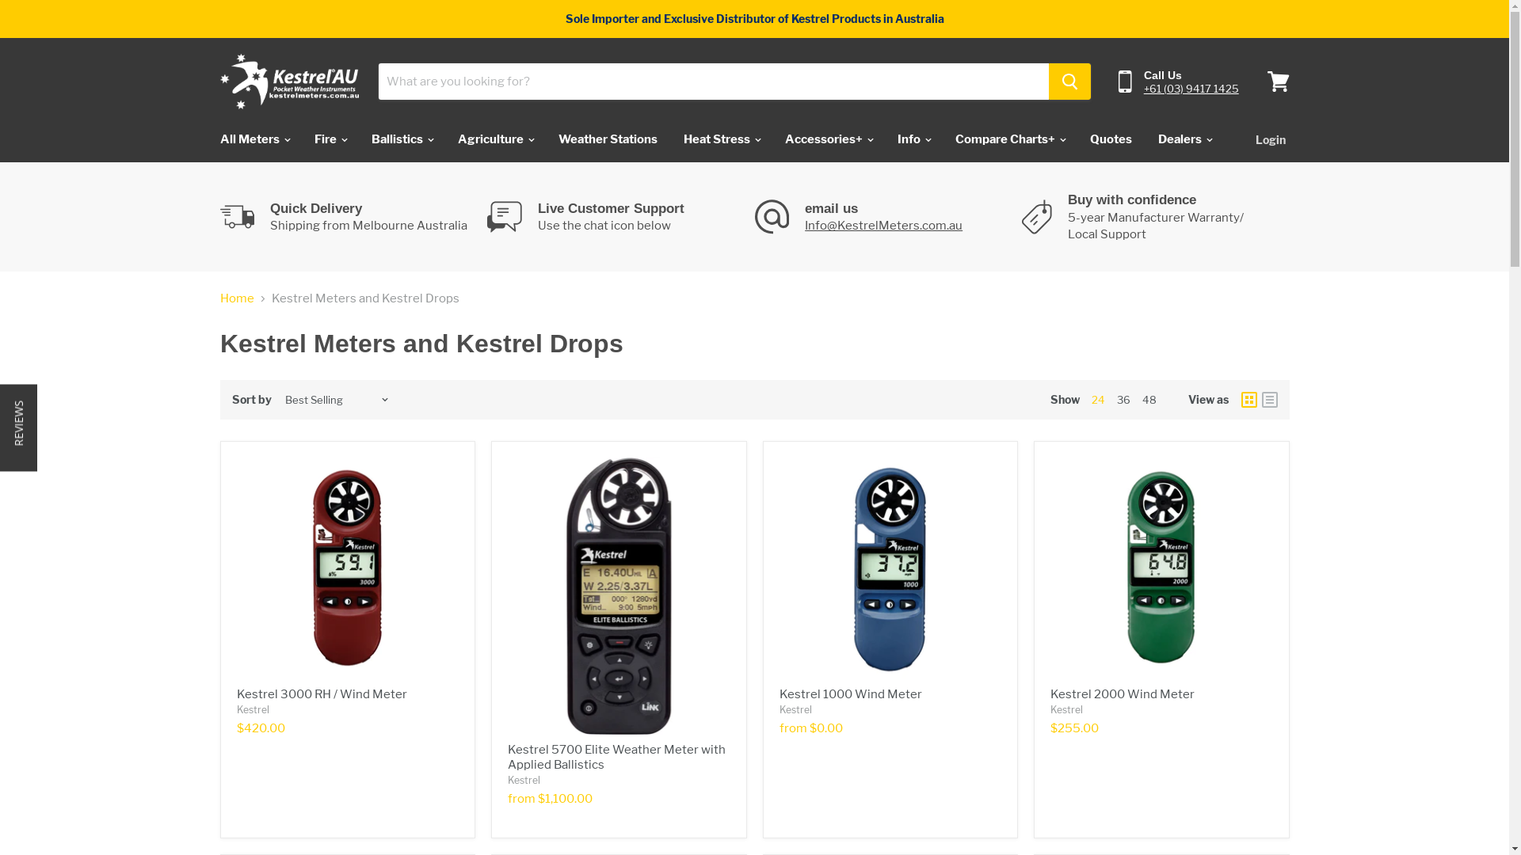  What do you see at coordinates (207, 139) in the screenshot?
I see `'All Meters'` at bounding box center [207, 139].